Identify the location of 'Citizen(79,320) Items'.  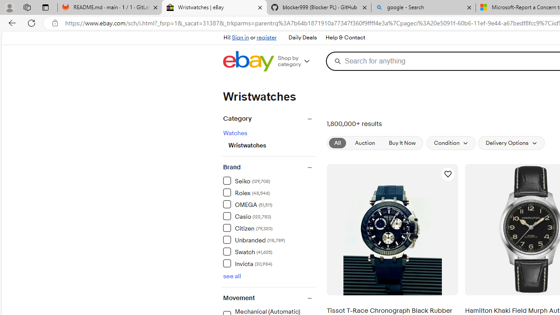
(269, 227).